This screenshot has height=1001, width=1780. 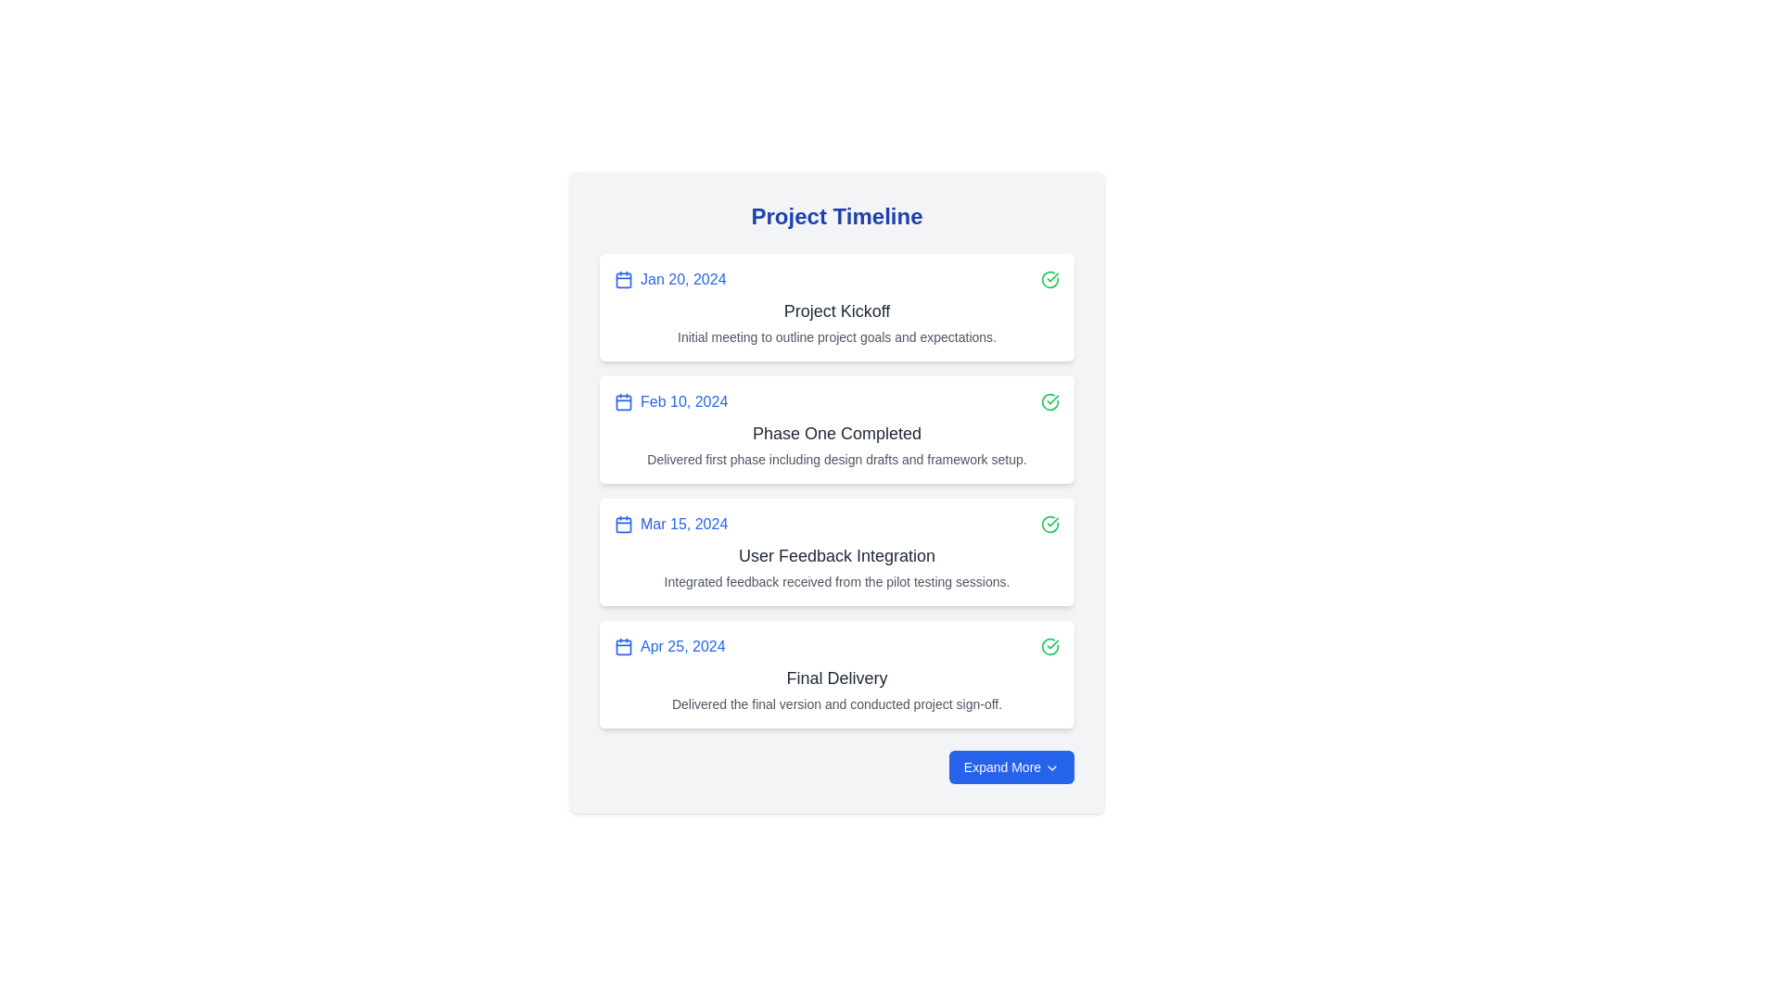 I want to click on the static text element that serves as a date indicator for an event in the timeline, located to the left of the calendar icon and above the event description, so click(x=683, y=401).